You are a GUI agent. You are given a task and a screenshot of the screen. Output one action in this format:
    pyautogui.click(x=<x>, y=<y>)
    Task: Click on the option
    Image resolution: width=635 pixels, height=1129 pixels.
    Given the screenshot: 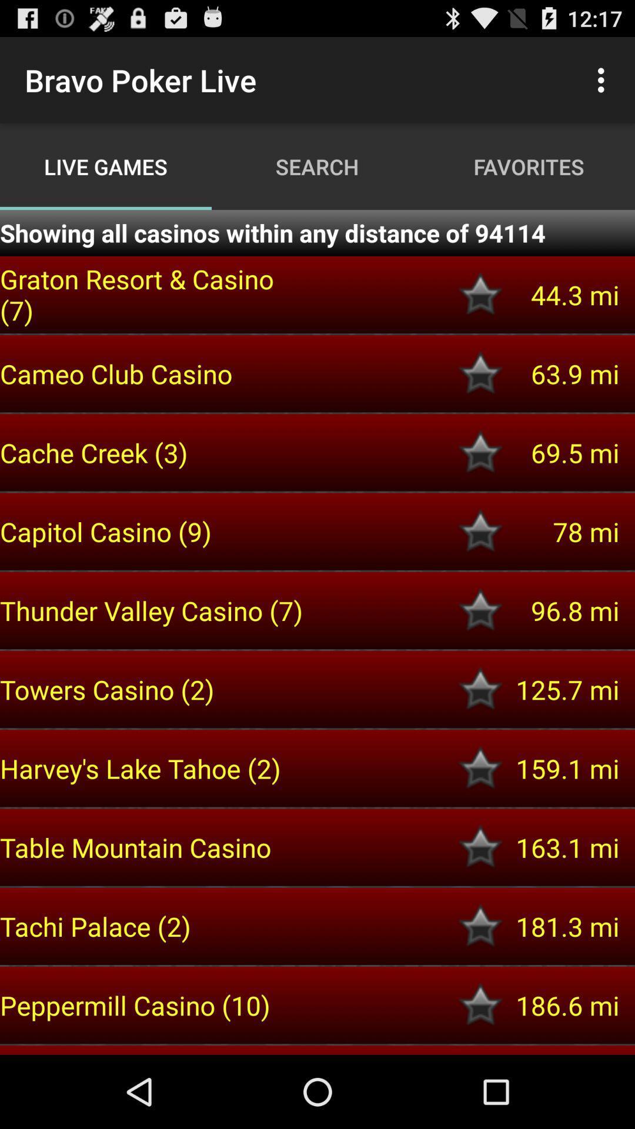 What is the action you would take?
    pyautogui.click(x=480, y=1004)
    